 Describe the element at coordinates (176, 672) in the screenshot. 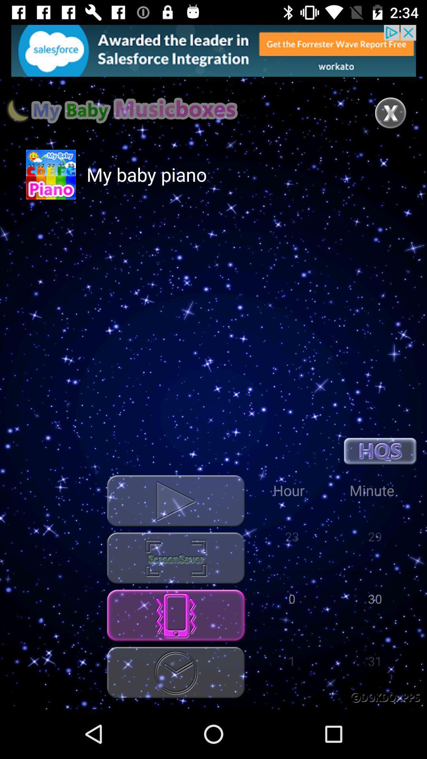

I see `the clock symbol button` at that location.